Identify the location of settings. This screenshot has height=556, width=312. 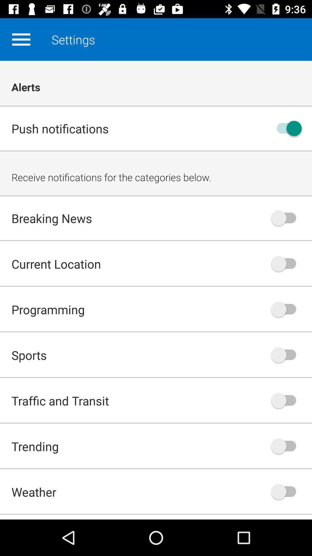
(21, 39).